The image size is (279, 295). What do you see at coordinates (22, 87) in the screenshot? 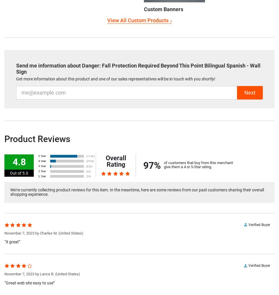
I see `'Email:'` at bounding box center [22, 87].